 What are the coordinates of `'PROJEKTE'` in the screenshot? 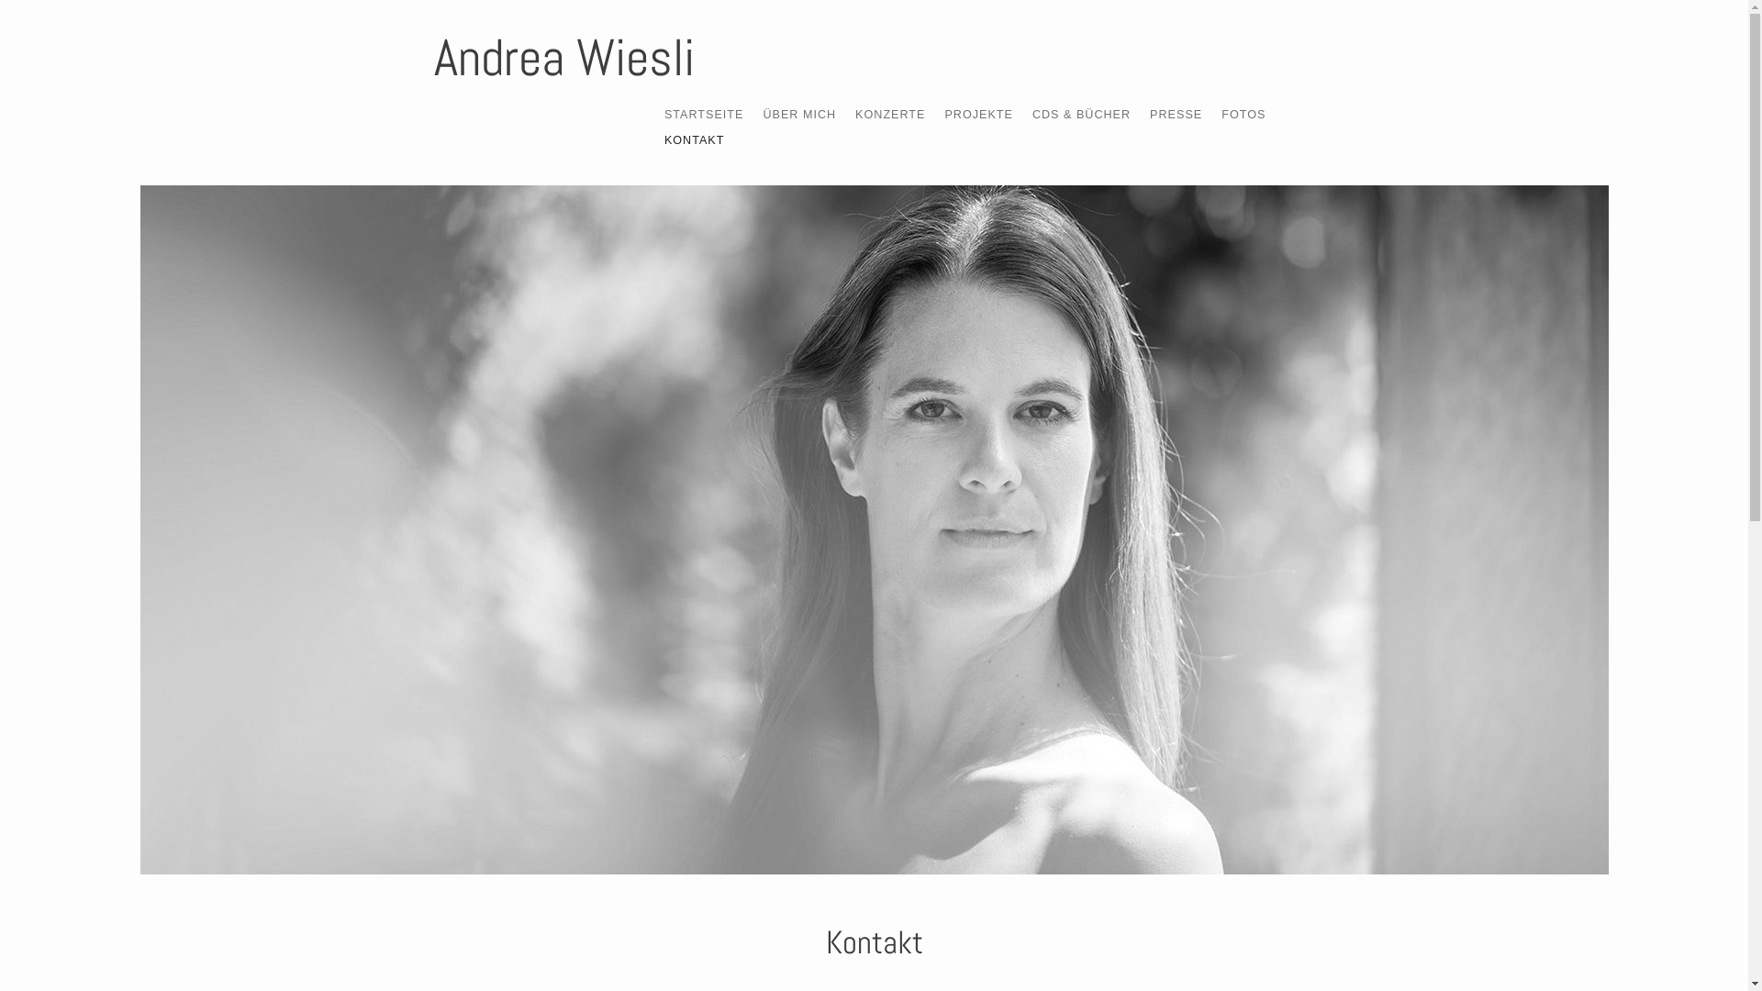 It's located at (976, 114).